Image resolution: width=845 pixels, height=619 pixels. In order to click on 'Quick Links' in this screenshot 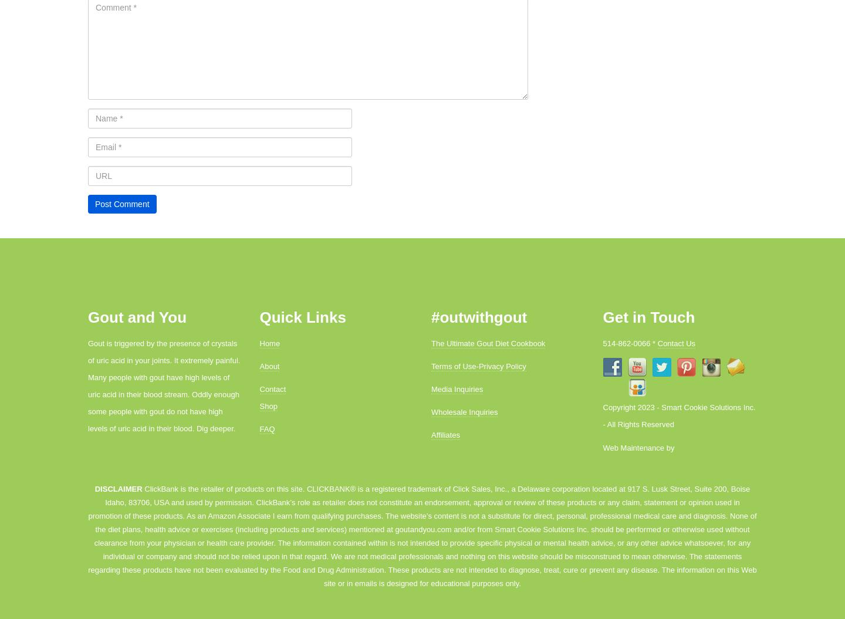, I will do `click(302, 317)`.